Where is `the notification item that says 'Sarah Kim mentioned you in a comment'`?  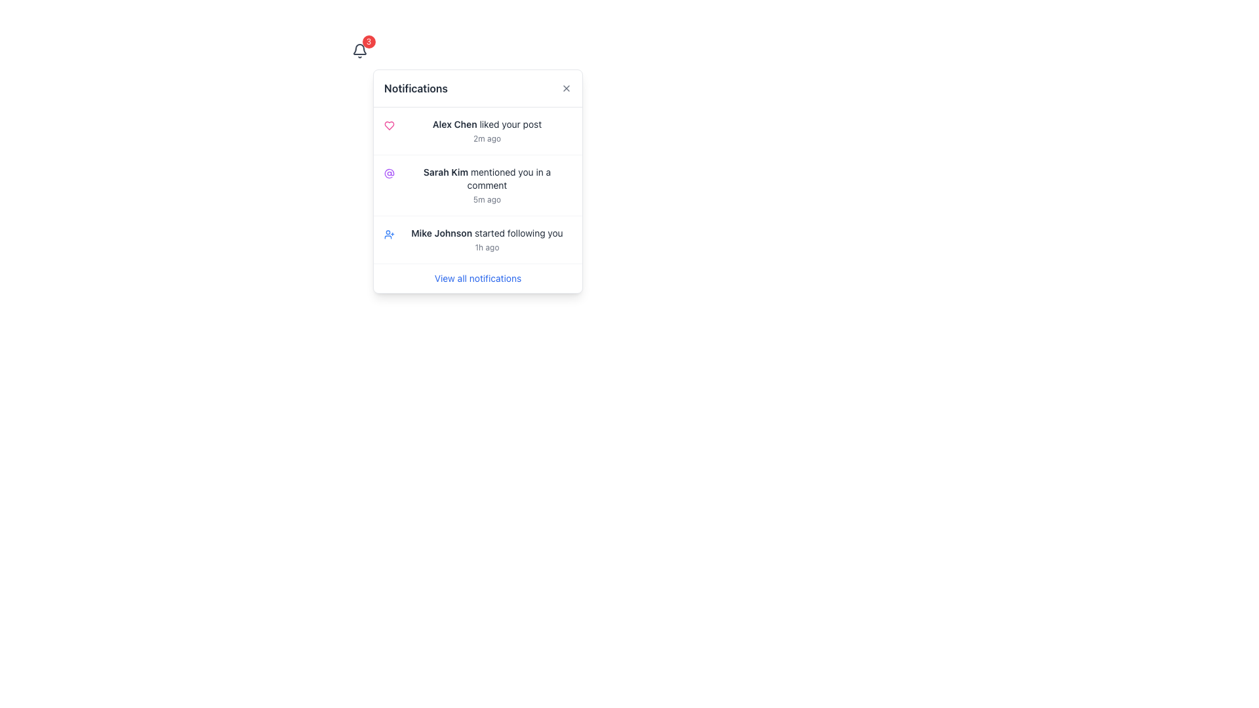
the notification item that says 'Sarah Kim mentioned you in a comment' is located at coordinates (477, 186).